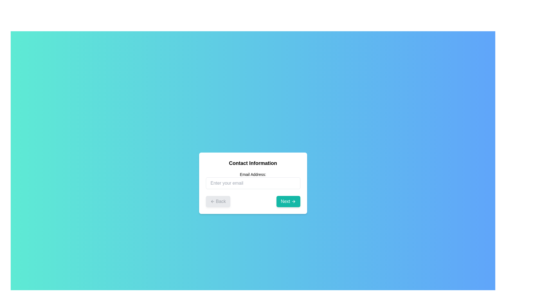 Image resolution: width=540 pixels, height=304 pixels. What do you see at coordinates (253, 163) in the screenshot?
I see `text label located at the top of the modal, which is positioned above the 'Email Address' input field` at bounding box center [253, 163].